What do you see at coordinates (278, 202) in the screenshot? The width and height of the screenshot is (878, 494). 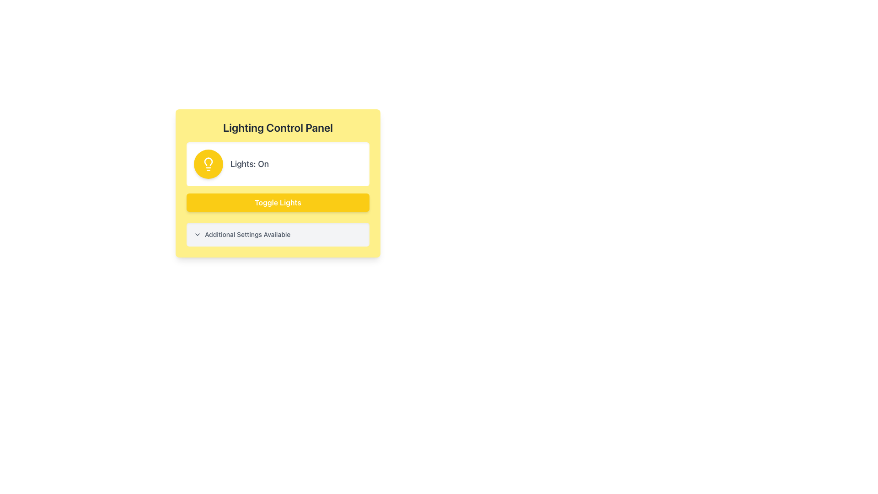 I see `the lighting toggle button located in the 'Lighting Control Panel'` at bounding box center [278, 202].